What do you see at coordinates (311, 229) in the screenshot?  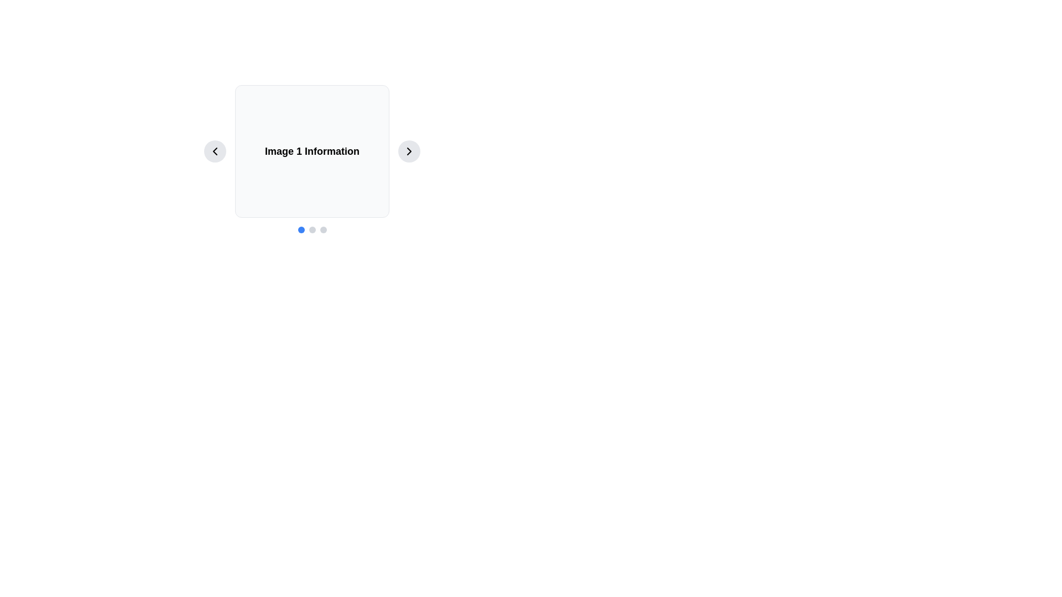 I see `the central light gray navigation indicator dot located below the 'Image 1 Information' content box` at bounding box center [311, 229].